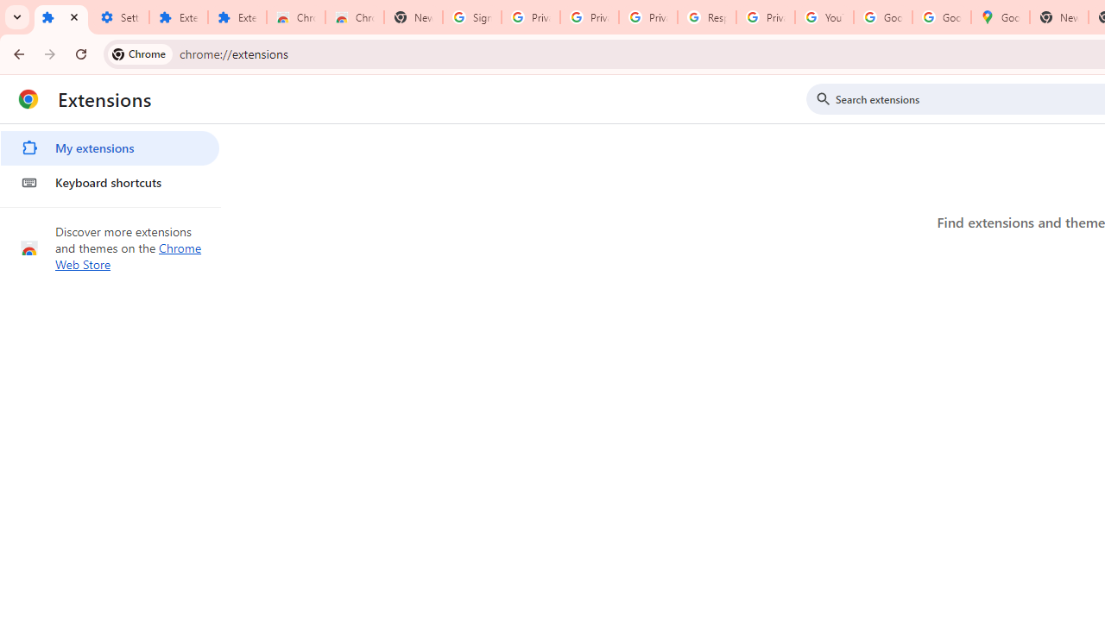 The height and width of the screenshot is (621, 1105). I want to click on 'Keyboard shortcuts', so click(109, 183).